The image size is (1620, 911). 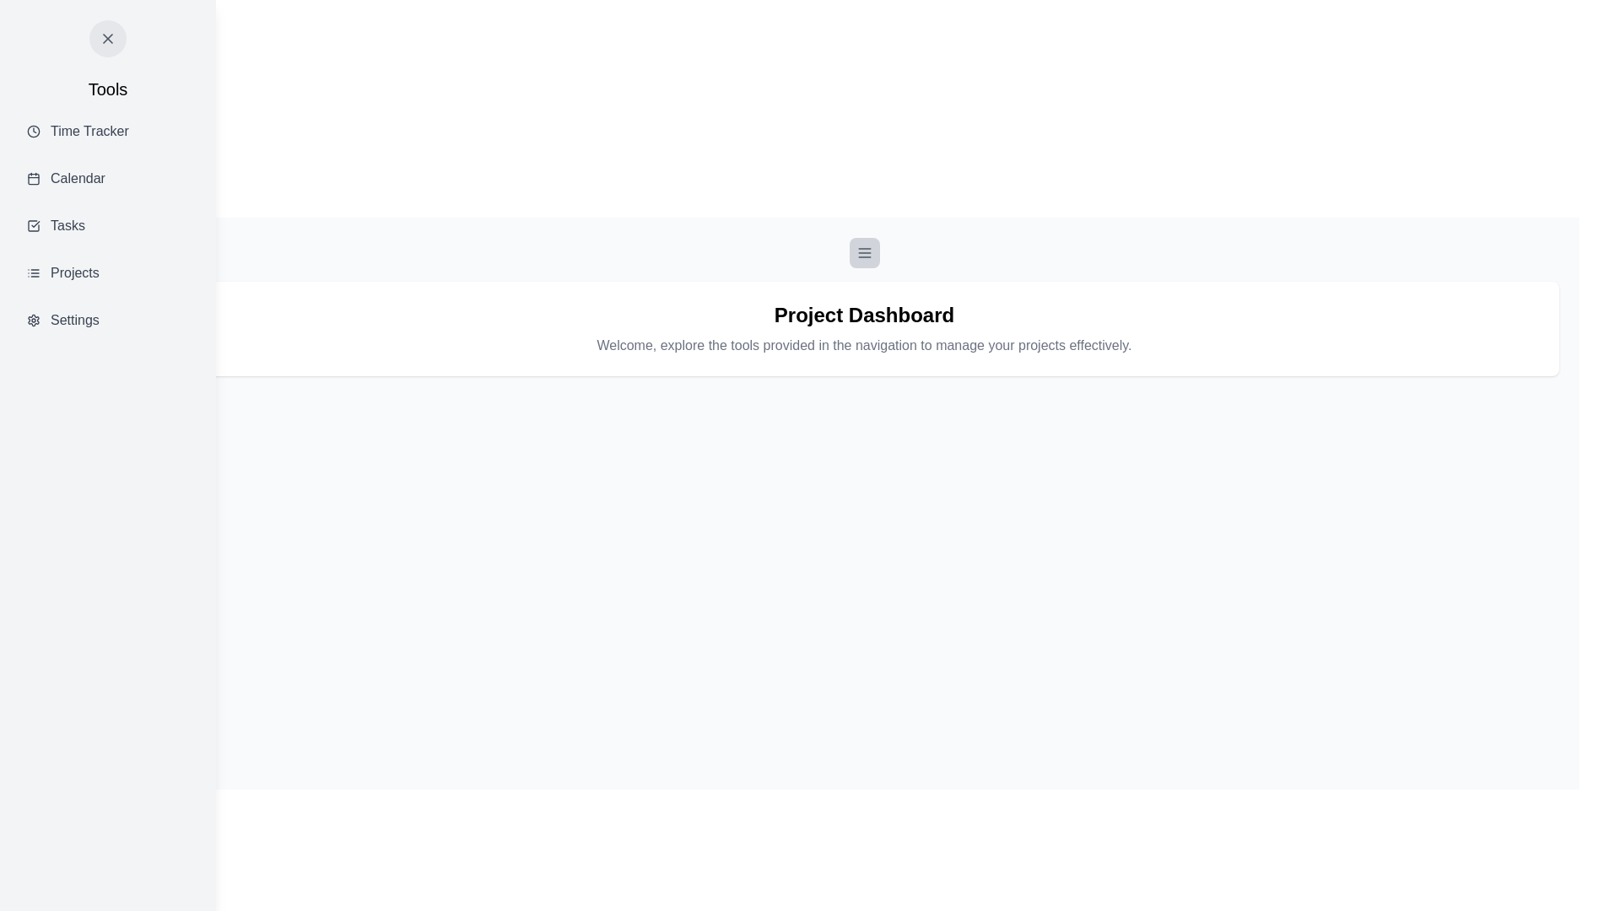 I want to click on the gray rectangular button with rounded corners, featuring three horizontal lines, so click(x=864, y=253).